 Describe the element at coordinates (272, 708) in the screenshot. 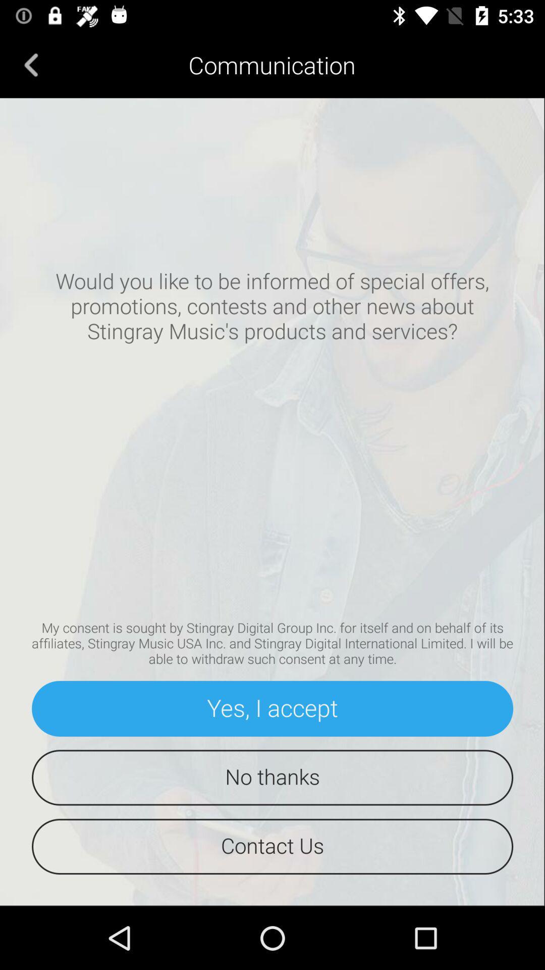

I see `icon above the no thanks icon` at that location.